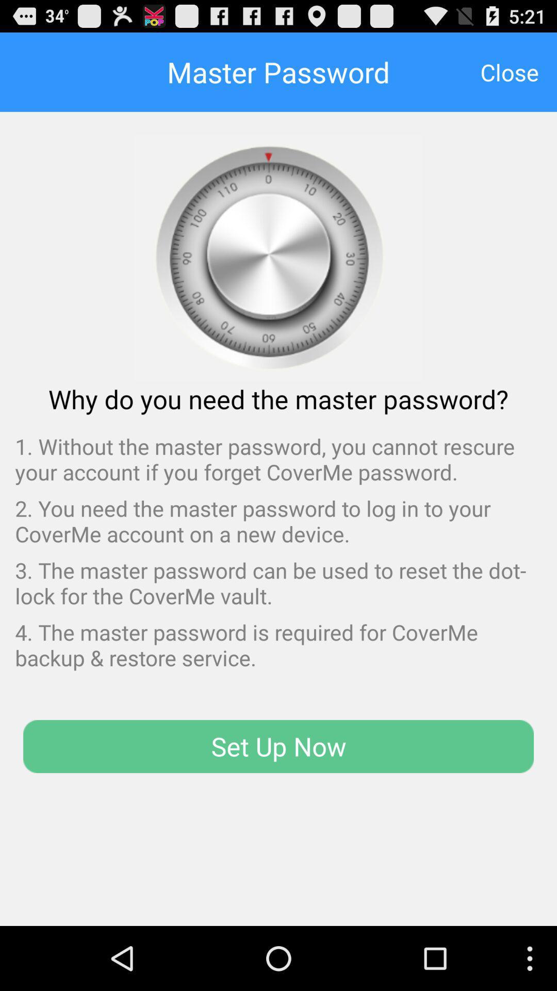 The height and width of the screenshot is (991, 557). What do you see at coordinates (278, 746) in the screenshot?
I see `set up now icon` at bounding box center [278, 746].